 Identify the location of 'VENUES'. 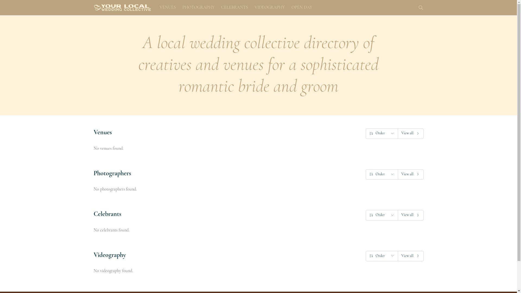
(158, 7).